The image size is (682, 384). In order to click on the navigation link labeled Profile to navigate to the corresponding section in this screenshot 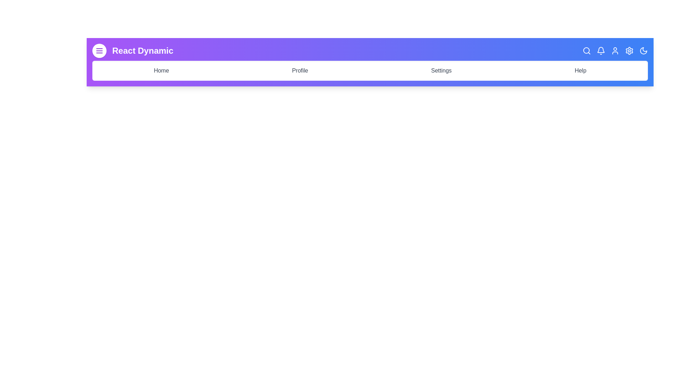, I will do `click(300, 71)`.